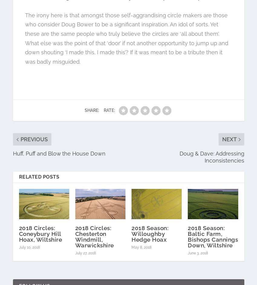  I want to click on 'May 8, 2018', so click(131, 247).